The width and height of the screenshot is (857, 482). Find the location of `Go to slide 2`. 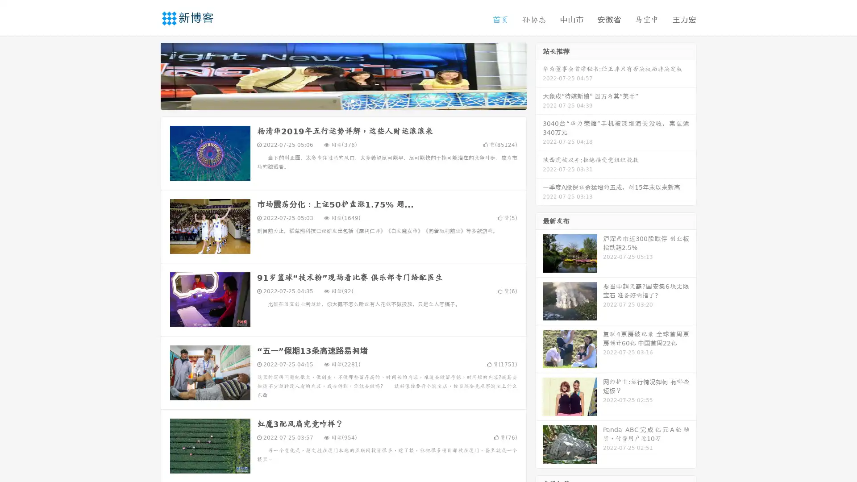

Go to slide 2 is located at coordinates (343, 100).